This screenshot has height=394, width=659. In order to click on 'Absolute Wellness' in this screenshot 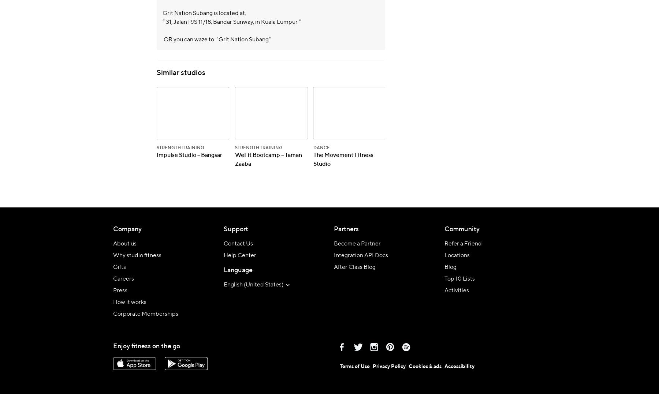, I will do `click(416, 155)`.